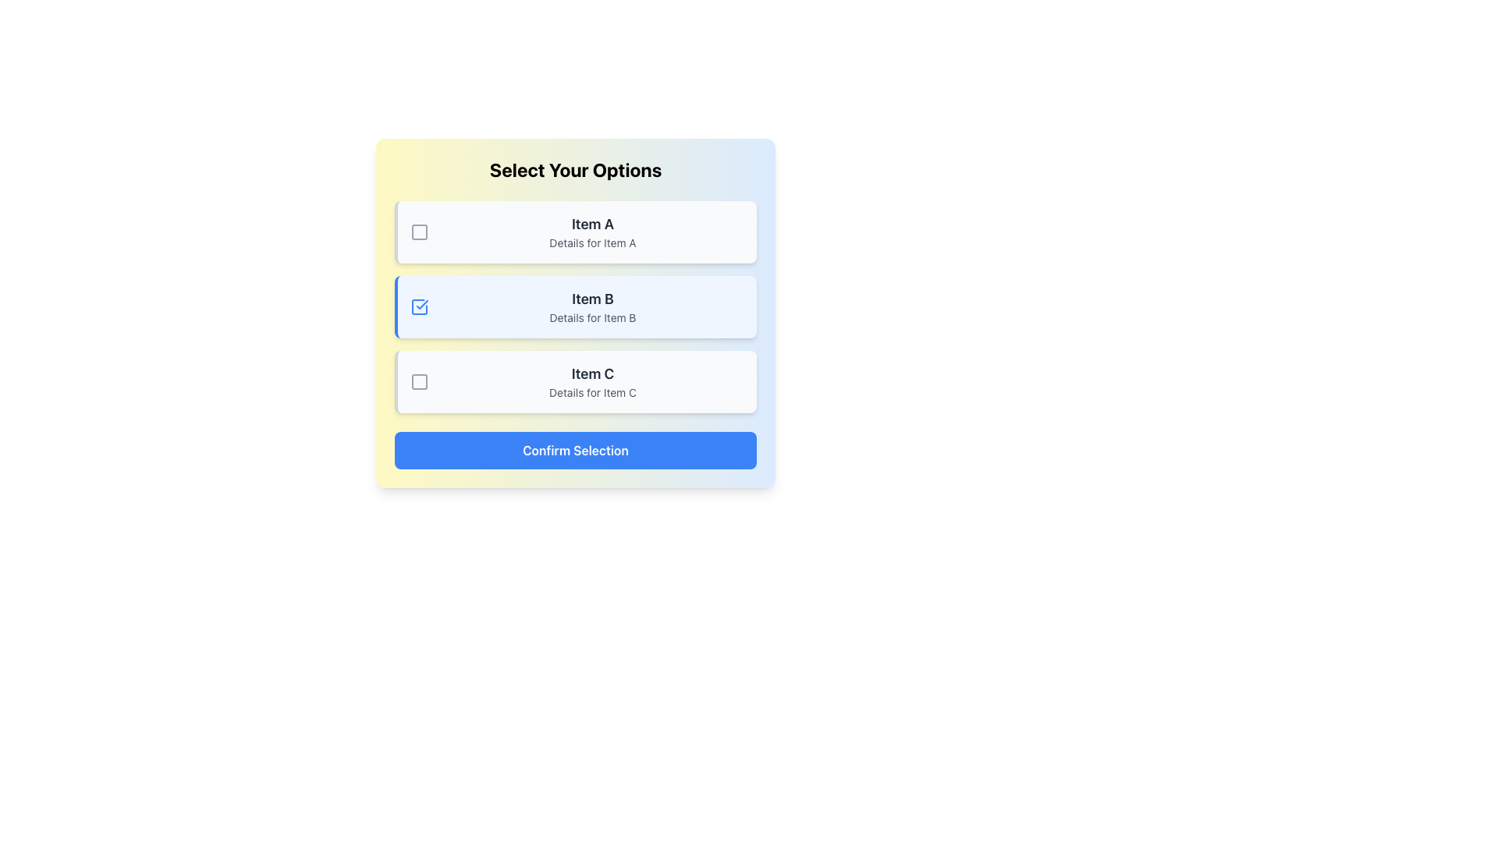  I want to click on the checkbox located at the top-left corner of the rectangle labeled 'Item A', so click(419, 232).